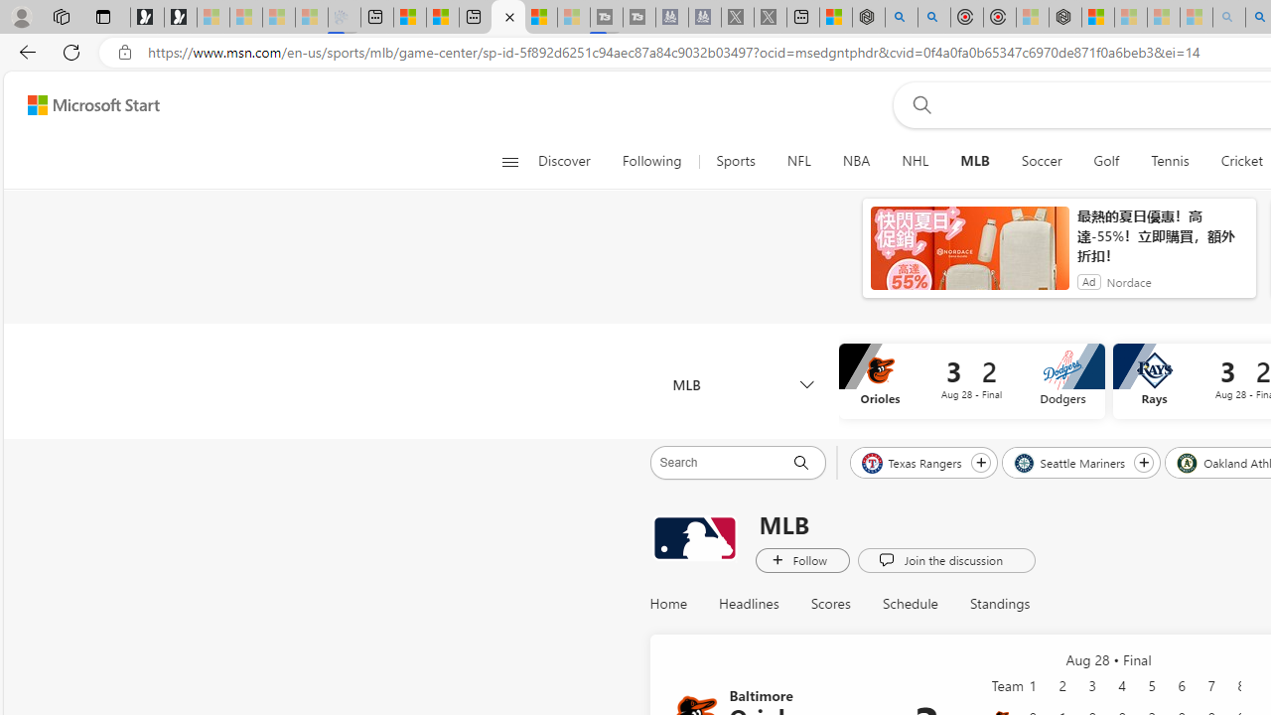 Image resolution: width=1271 pixels, height=715 pixels. I want to click on 'NFL', so click(798, 161).